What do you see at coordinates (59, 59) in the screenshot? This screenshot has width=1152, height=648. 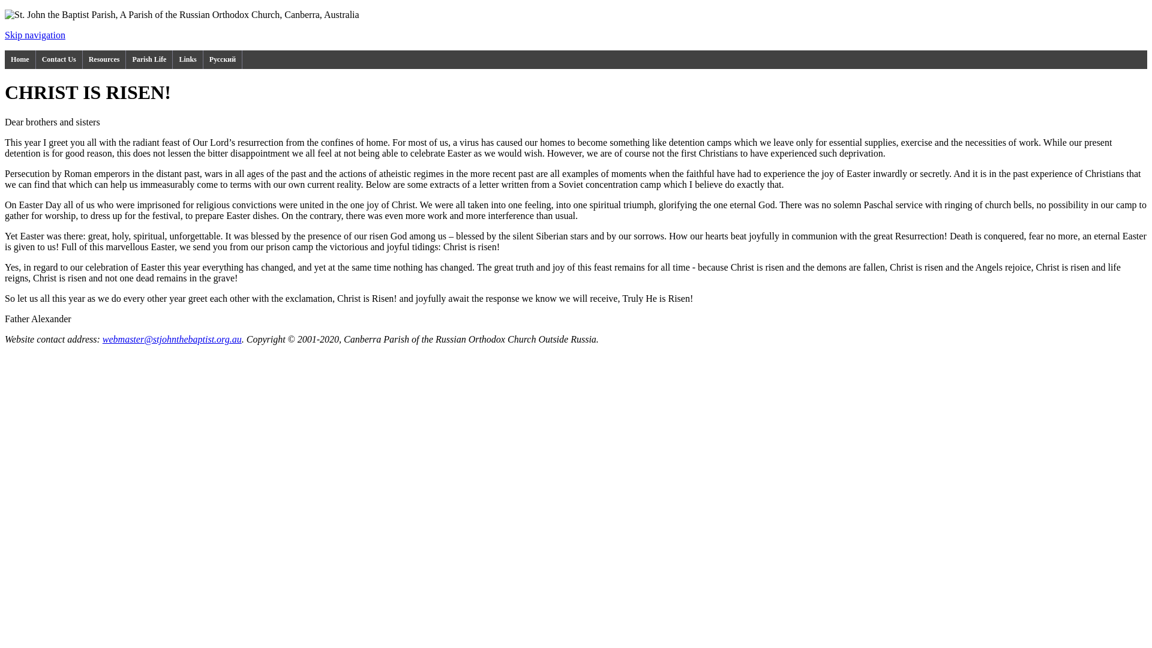 I see `'Contact Us'` at bounding box center [59, 59].